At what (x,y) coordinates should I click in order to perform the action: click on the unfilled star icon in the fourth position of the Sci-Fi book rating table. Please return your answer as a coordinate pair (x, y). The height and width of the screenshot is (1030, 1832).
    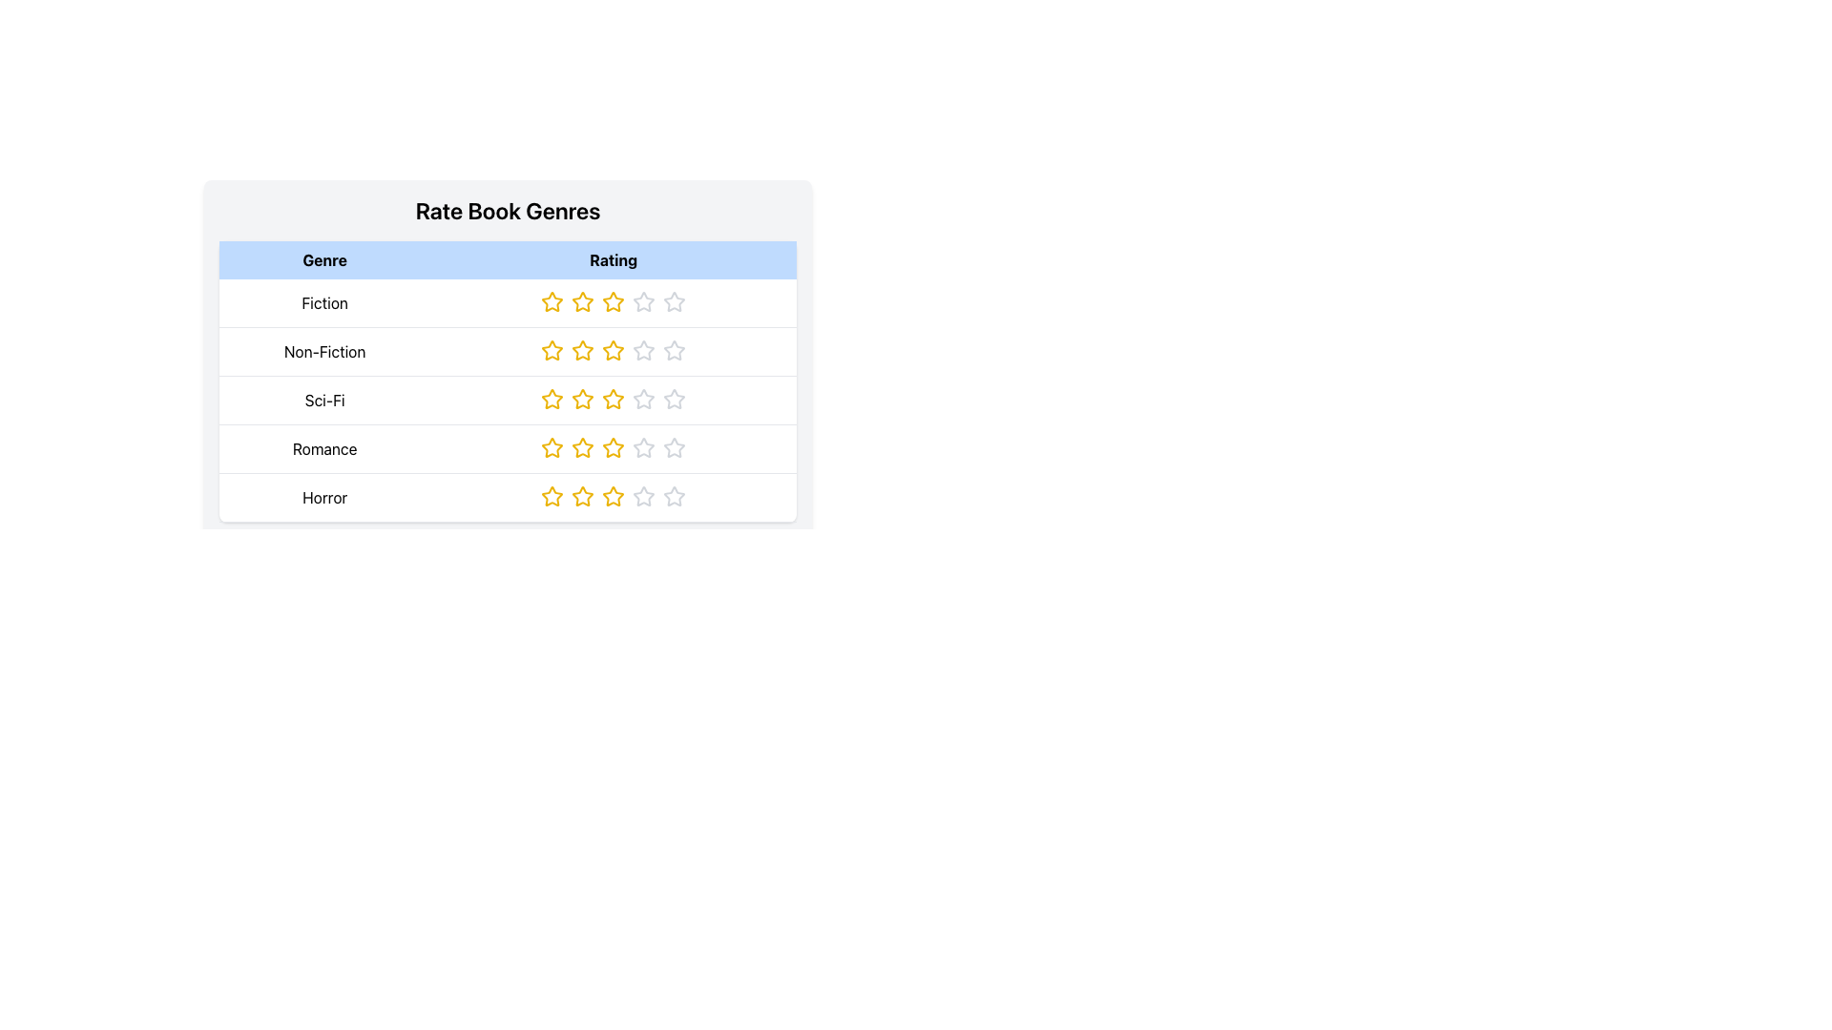
    Looking at the image, I should click on (675, 398).